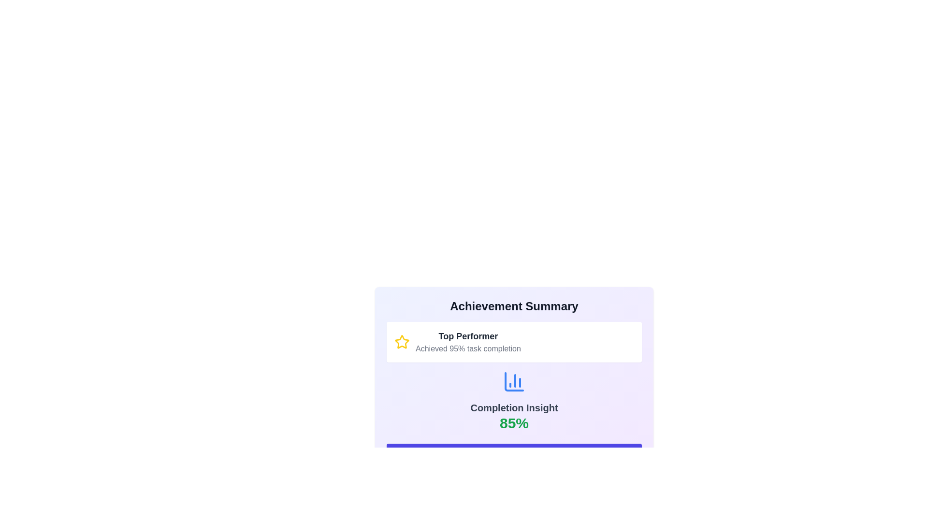 This screenshot has width=928, height=522. Describe the element at coordinates (514, 381) in the screenshot. I see `the blue bar chart icon located in the 'Completion Insight' section above the '85%' text` at that location.